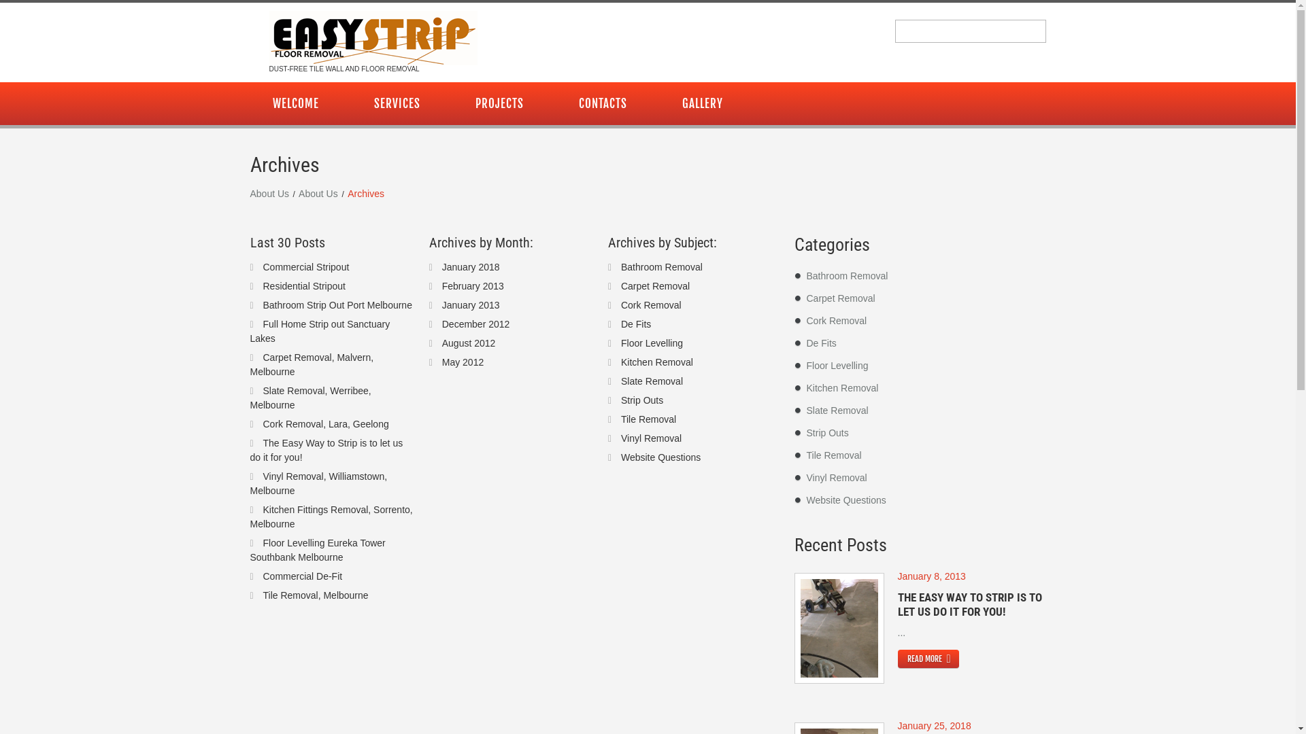 The height and width of the screenshot is (734, 1306). Describe the element at coordinates (702, 103) in the screenshot. I see `'GALLERY'` at that location.